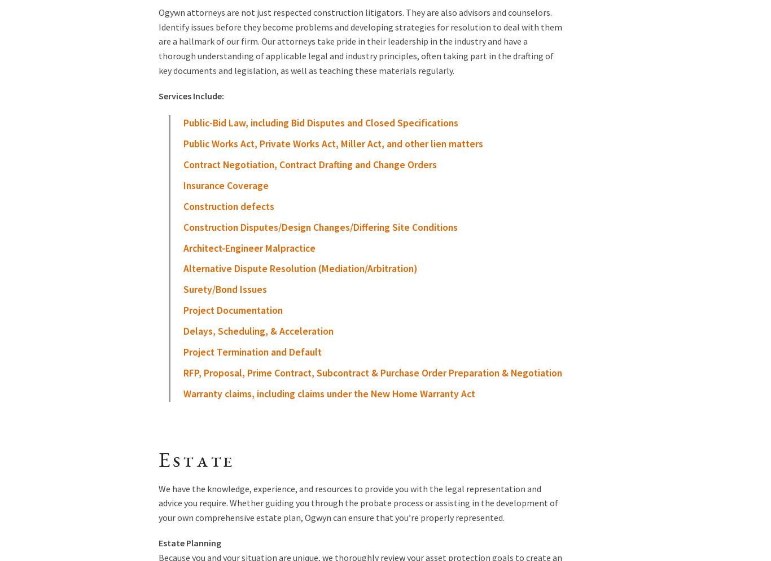 This screenshot has height=561, width=771. What do you see at coordinates (183, 393) in the screenshot?
I see `'Warranty claims, including claims under the New Home Warranty Act'` at bounding box center [183, 393].